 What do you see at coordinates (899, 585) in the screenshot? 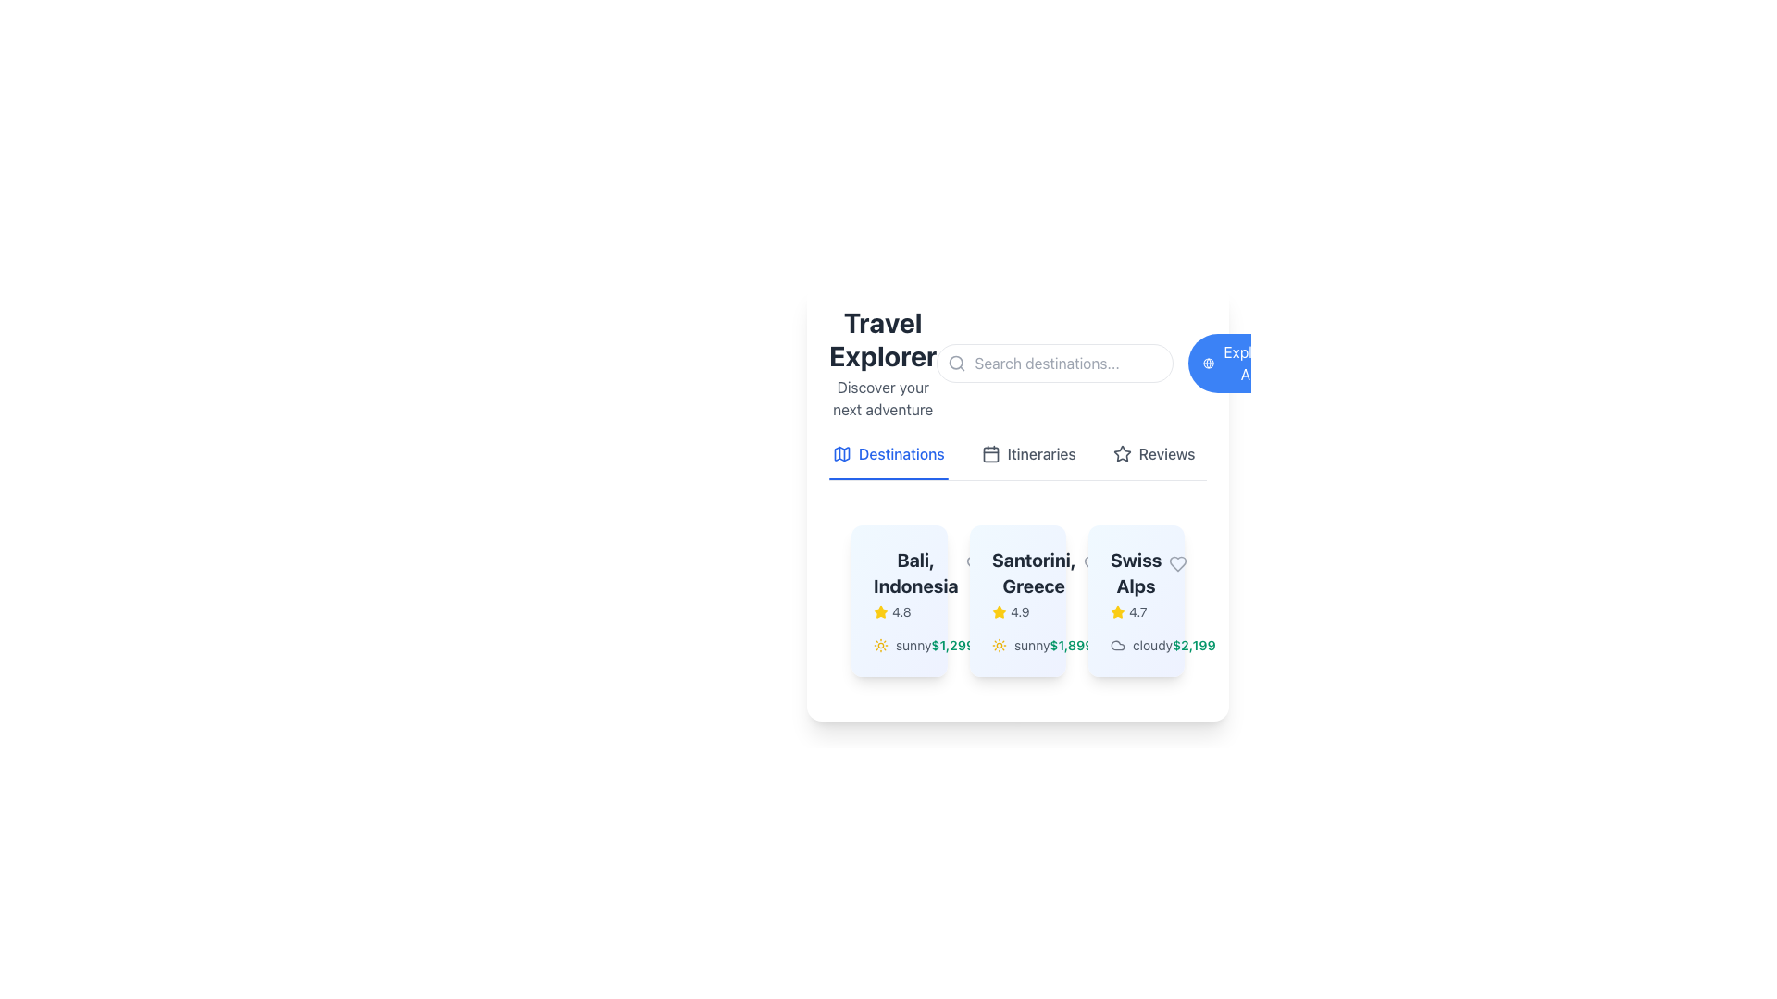
I see `the 'Bali, Indonesia' descriptive text and icon group` at bounding box center [899, 585].